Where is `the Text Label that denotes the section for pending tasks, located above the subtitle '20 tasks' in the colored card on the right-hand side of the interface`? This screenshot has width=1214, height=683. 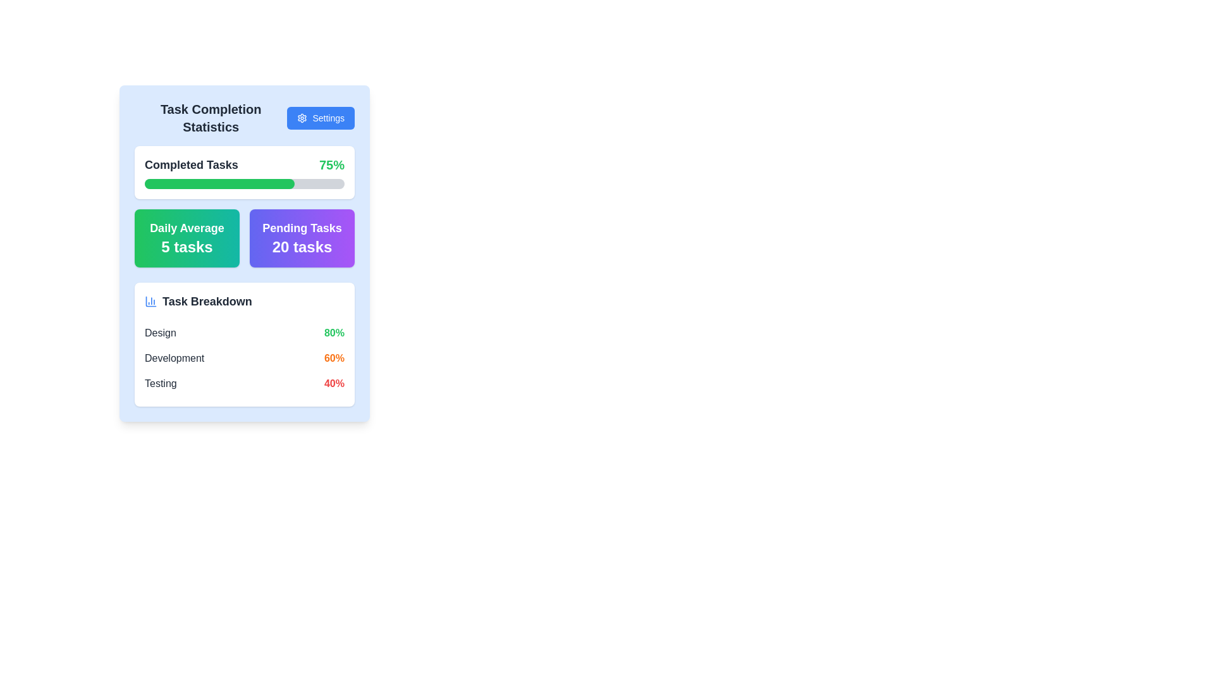 the Text Label that denotes the section for pending tasks, located above the subtitle '20 tasks' in the colored card on the right-hand side of the interface is located at coordinates (302, 228).